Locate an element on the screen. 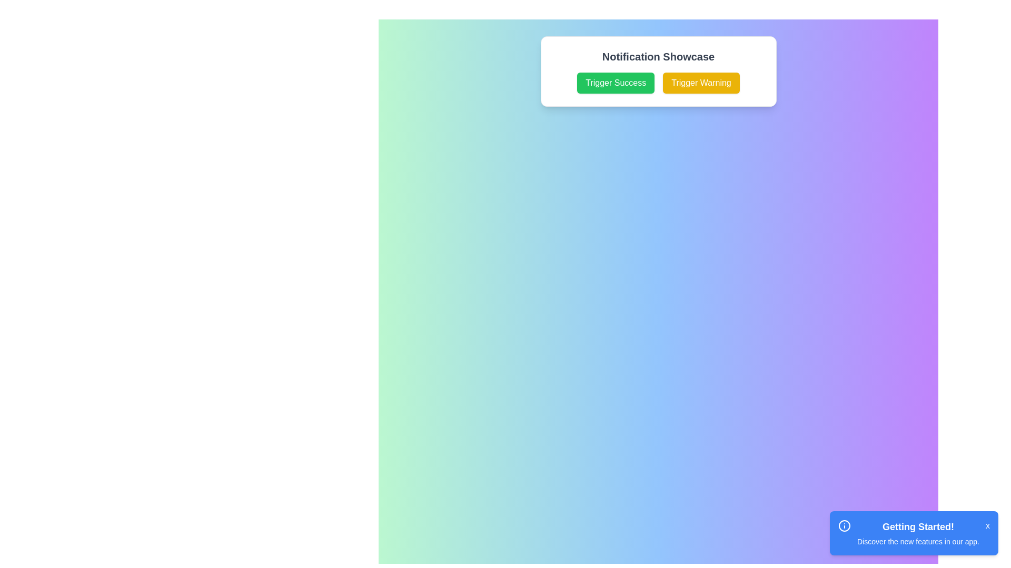 This screenshot has width=1011, height=568. the small cross-shaped button labeled 'x' at the top-right corner of the blue notification box is located at coordinates (987, 525).